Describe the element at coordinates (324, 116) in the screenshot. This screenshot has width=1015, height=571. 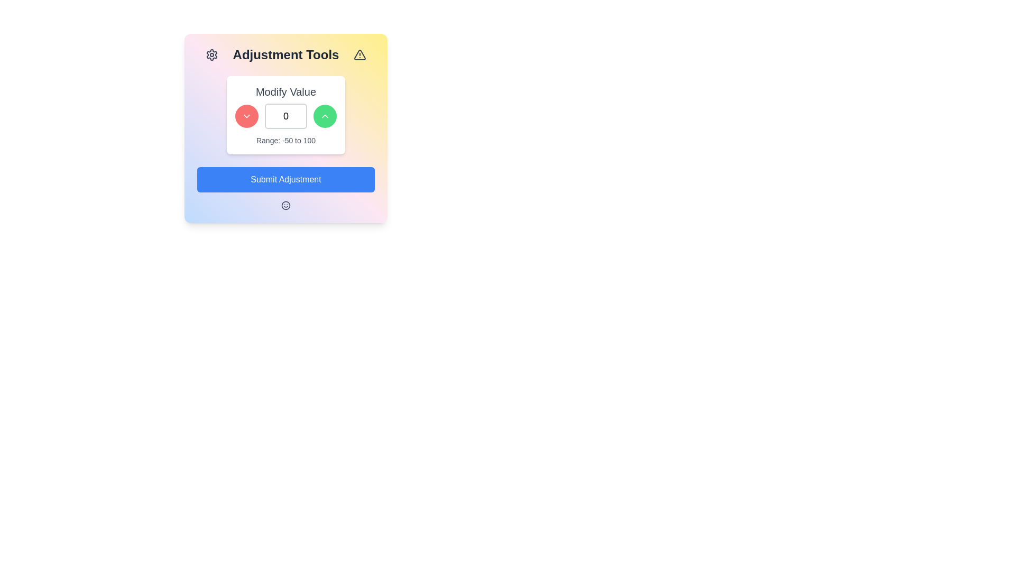
I see `the circular green button with a white upward arrow located at the top-right corner of the 'Modify Value' panel to change its appearance` at that location.